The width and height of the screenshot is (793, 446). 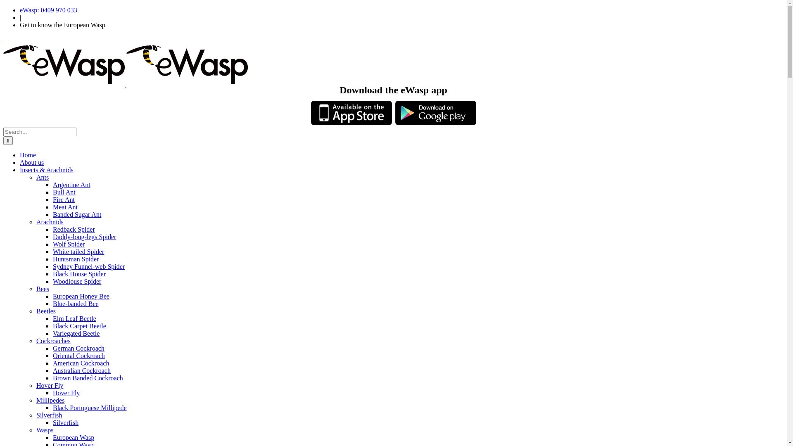 What do you see at coordinates (74, 318) in the screenshot?
I see `'Elm Leaf Beetle'` at bounding box center [74, 318].